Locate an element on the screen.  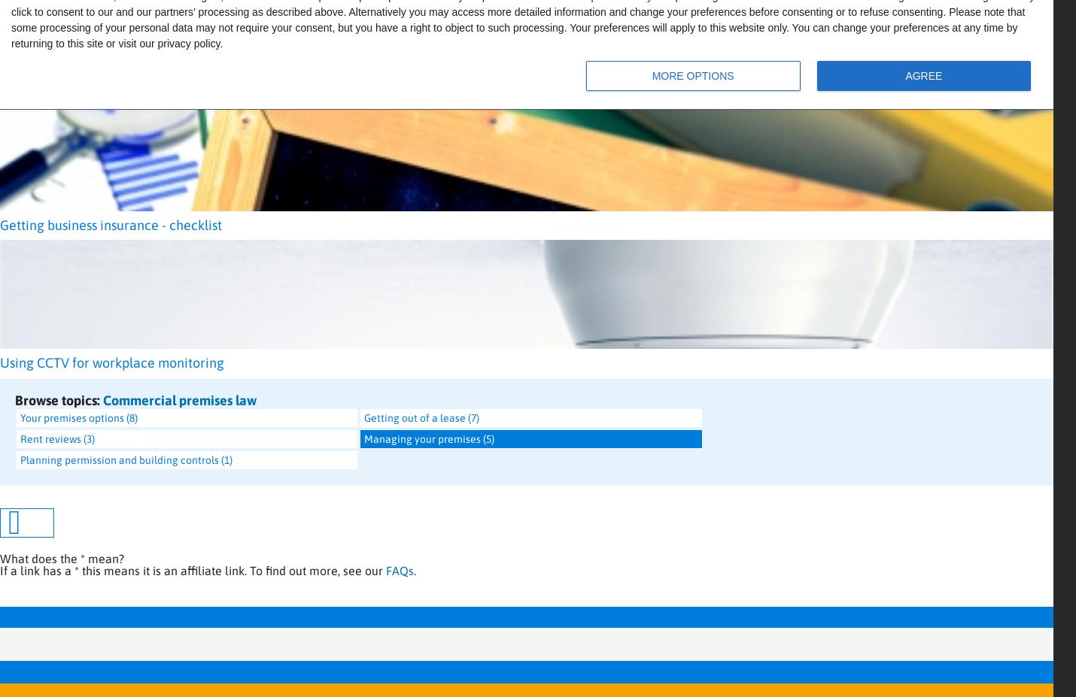
'Getting out of a lease (7)' is located at coordinates (364, 418).